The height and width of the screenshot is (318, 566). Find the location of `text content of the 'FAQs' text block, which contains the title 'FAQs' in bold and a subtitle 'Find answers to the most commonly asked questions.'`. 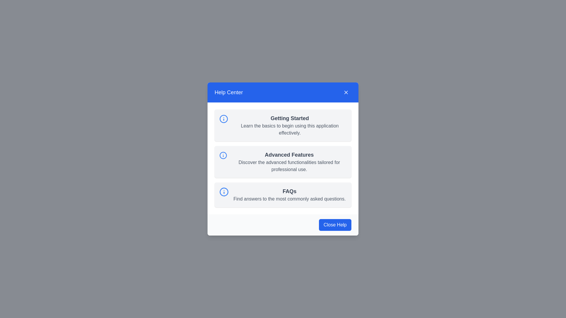

text content of the 'FAQs' text block, which contains the title 'FAQs' in bold and a subtitle 'Find answers to the most commonly asked questions.' is located at coordinates (289, 195).